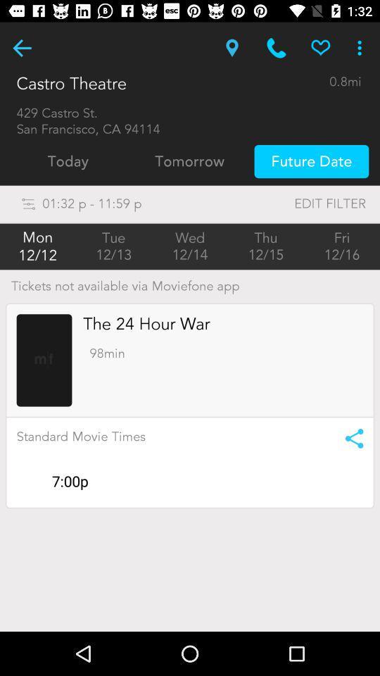  I want to click on information, so click(349, 437).